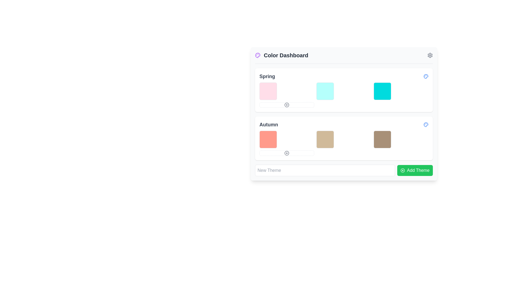  I want to click on the Circle icon located in the Autumn section of the Color Dashboard, which is positioned centrally within the dashed placeholder area near the color blocks, so click(287, 153).